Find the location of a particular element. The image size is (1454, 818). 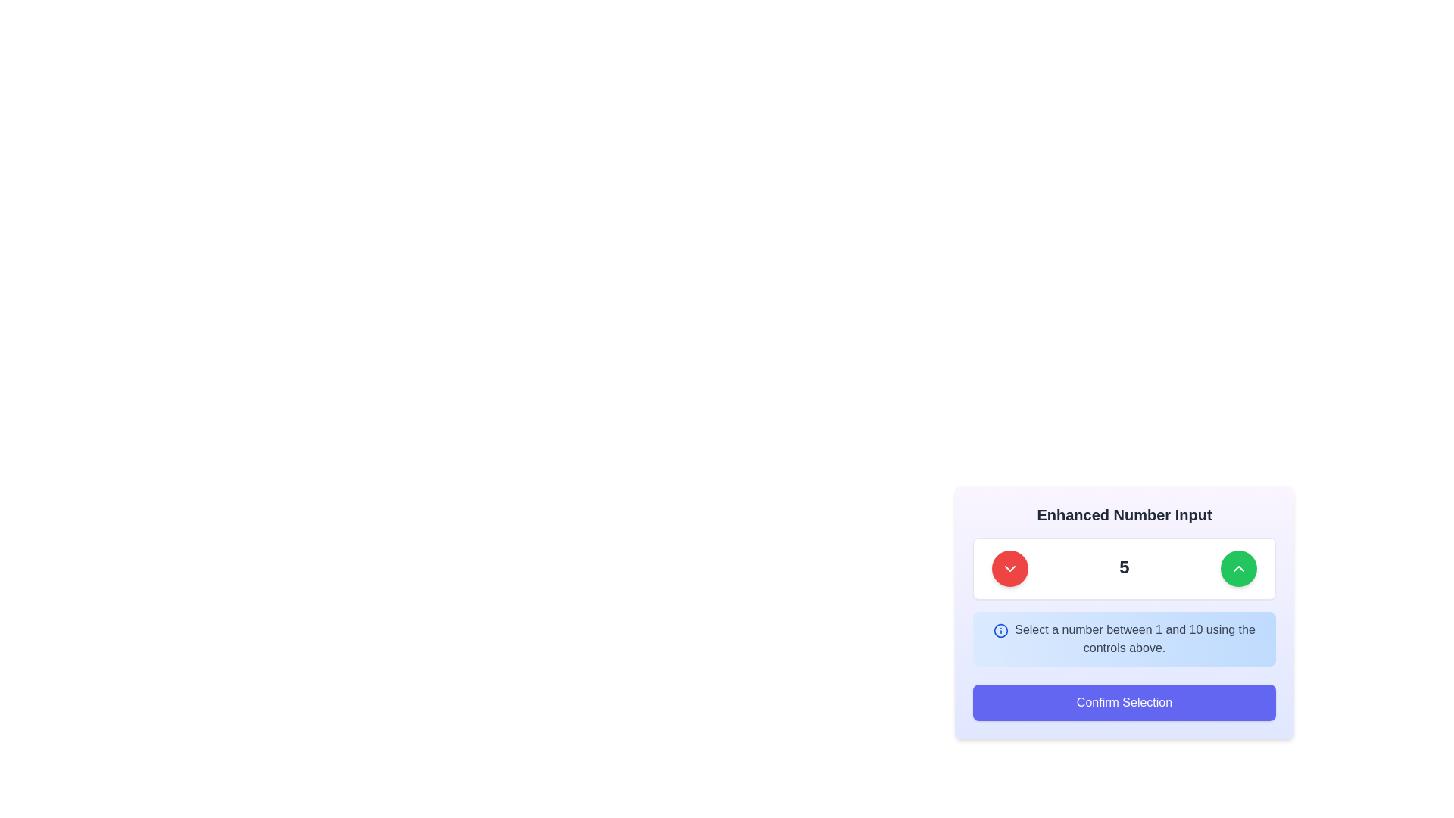

the green circular button with an upward-pointing chevron icon located at the top-right corner of the 'Enhanced Number Input' UI component to increase the number in the input field is located at coordinates (1239, 569).